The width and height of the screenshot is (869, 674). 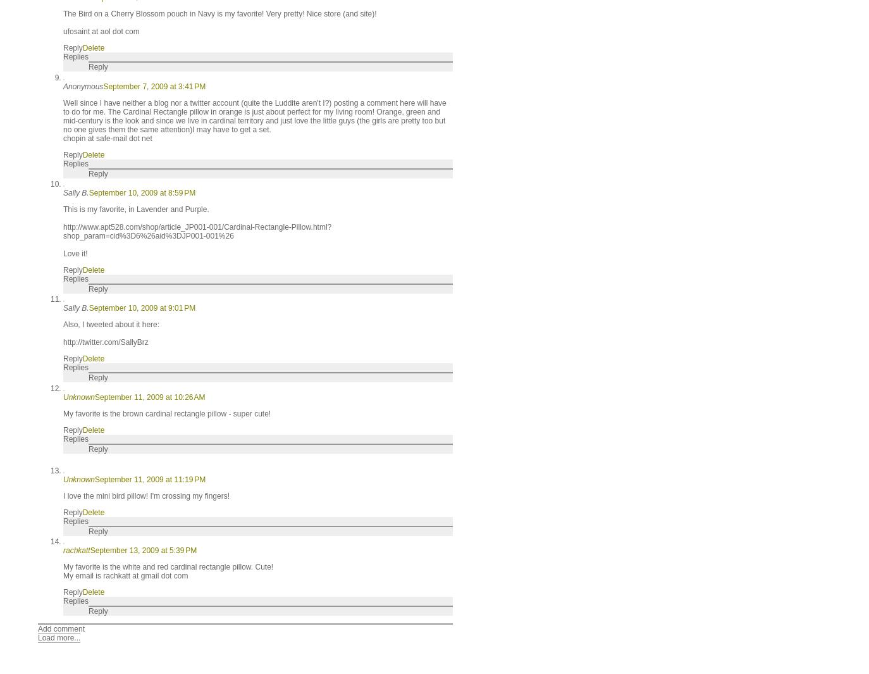 What do you see at coordinates (149, 396) in the screenshot?
I see `'September 11, 2009 at 10:26 AM'` at bounding box center [149, 396].